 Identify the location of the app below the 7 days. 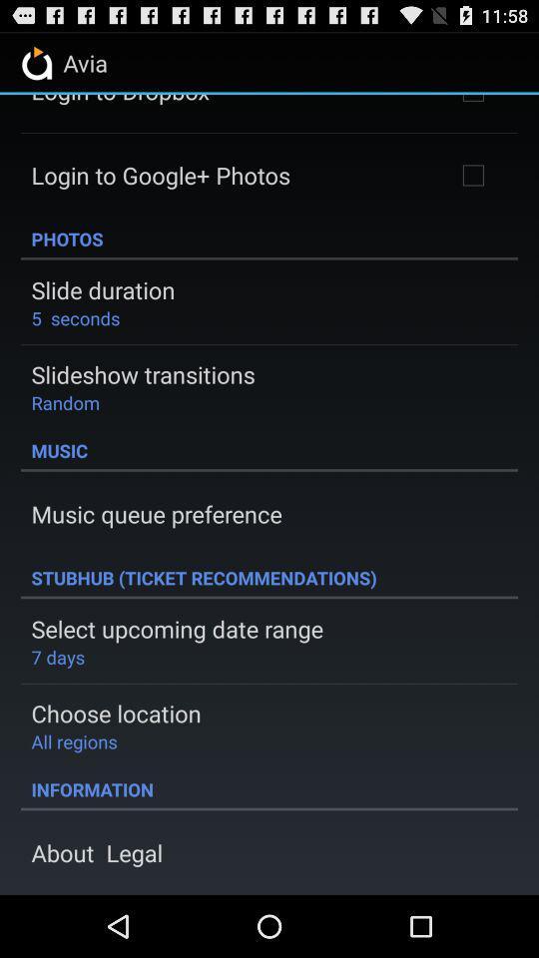
(116, 713).